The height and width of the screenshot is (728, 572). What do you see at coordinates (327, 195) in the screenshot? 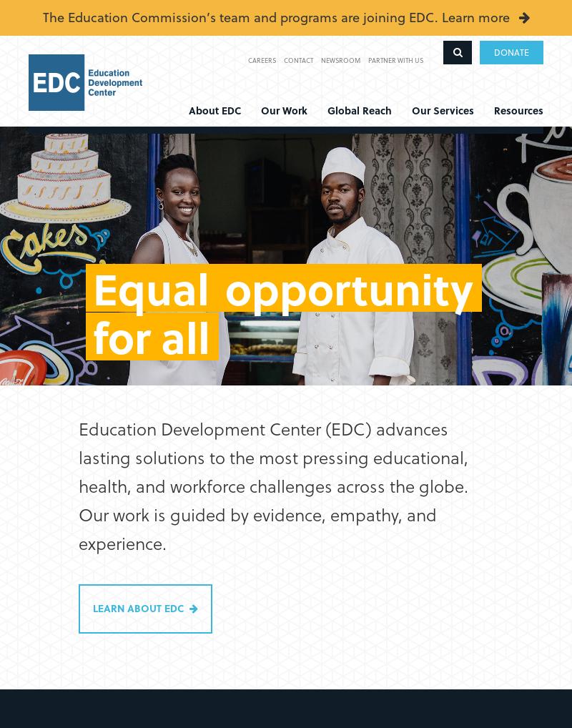
I see `'Europe'` at bounding box center [327, 195].